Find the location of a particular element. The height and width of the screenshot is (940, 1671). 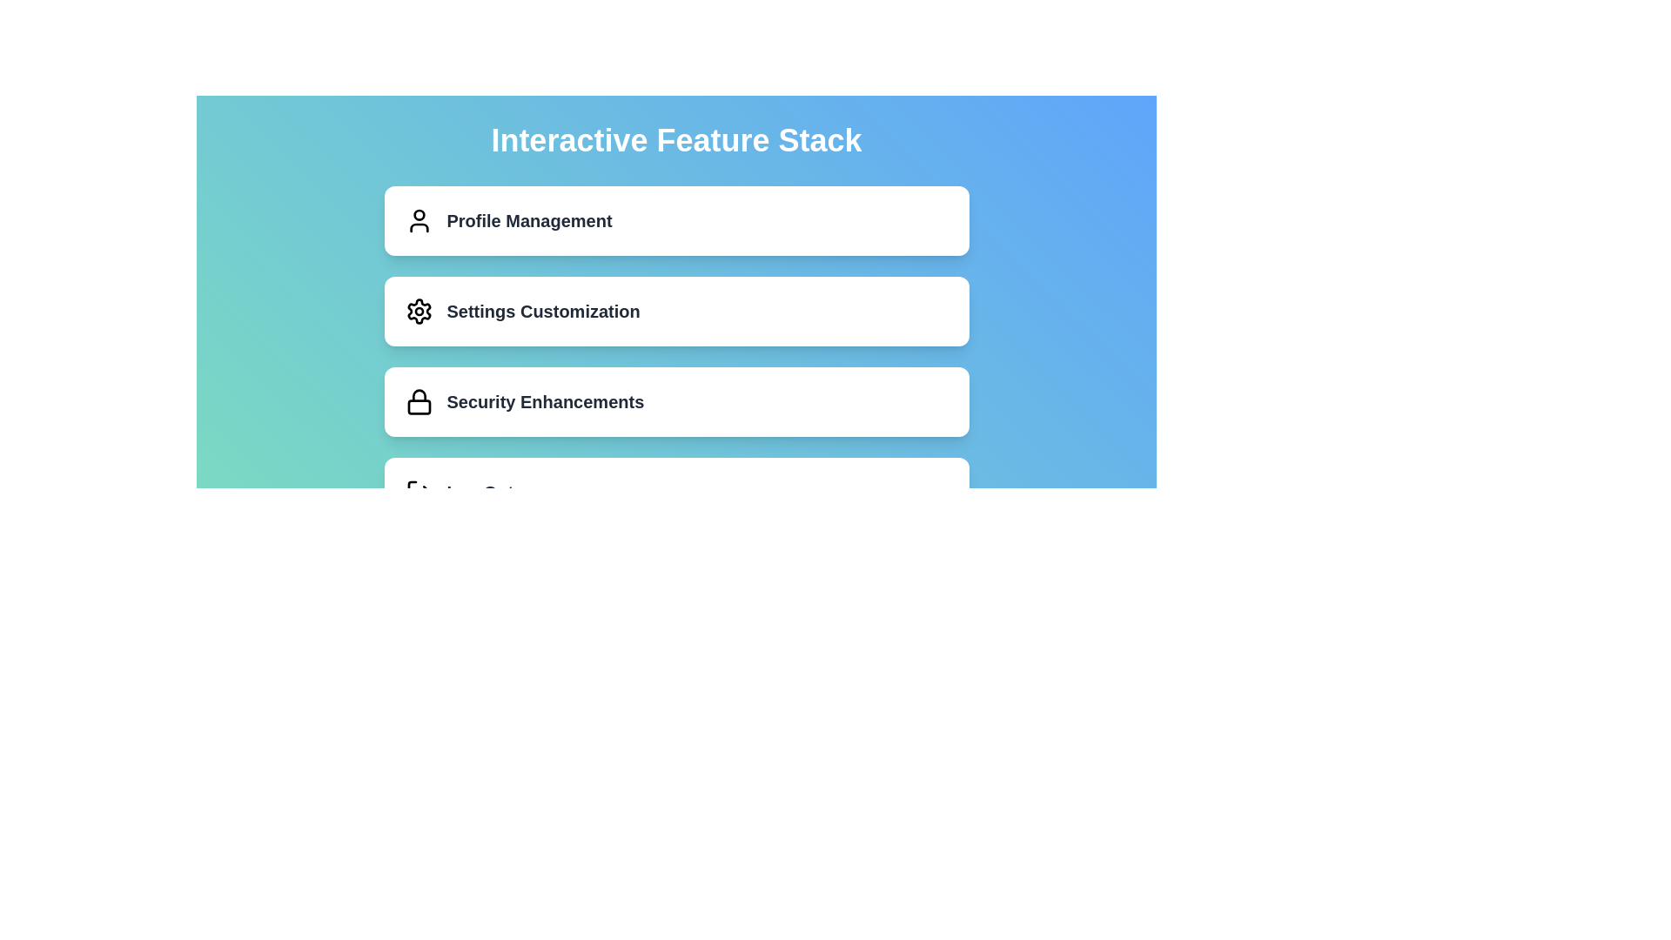

the settings icon located to the left of the 'Settings Customization' text is located at coordinates (419, 311).